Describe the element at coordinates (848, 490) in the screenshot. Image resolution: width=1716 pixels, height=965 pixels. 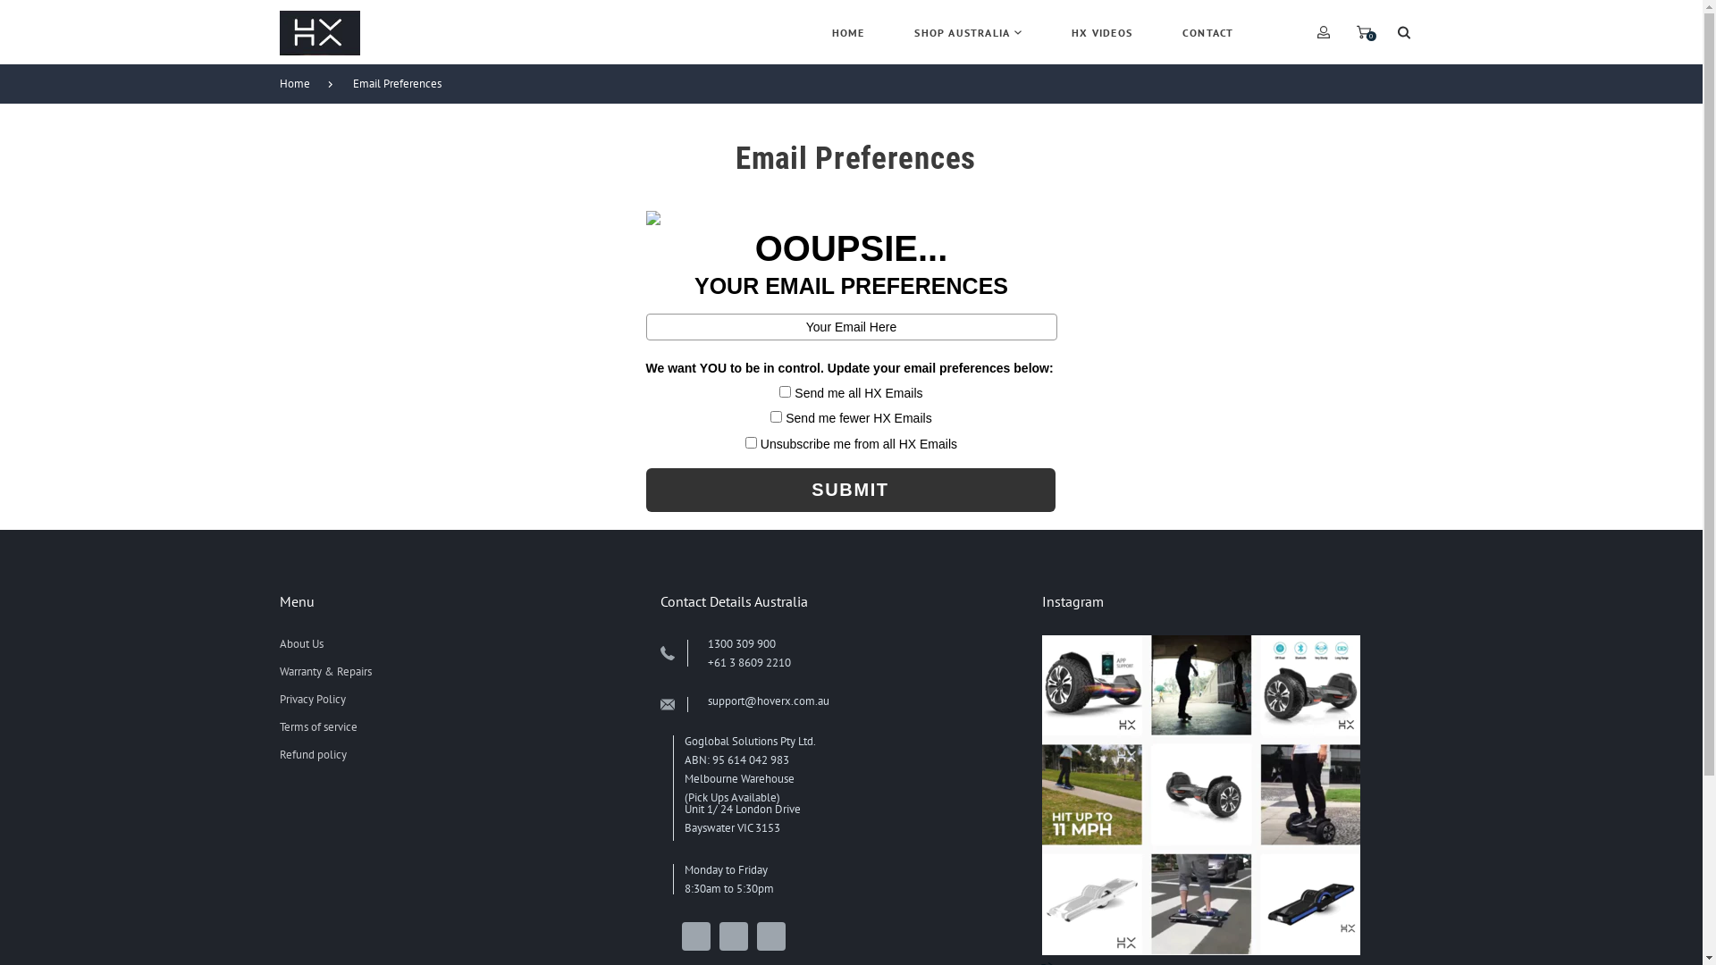
I see `'SUBMIT'` at that location.